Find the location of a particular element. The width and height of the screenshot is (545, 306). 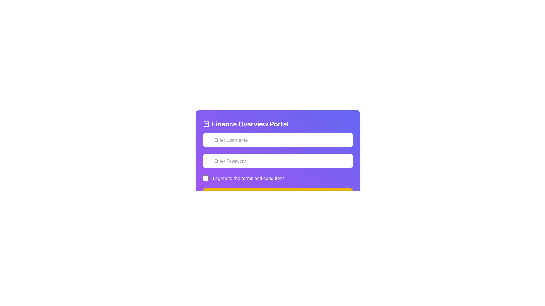

the consent checkbox located in the center-bottom region of the purple card layout is located at coordinates (278, 178).